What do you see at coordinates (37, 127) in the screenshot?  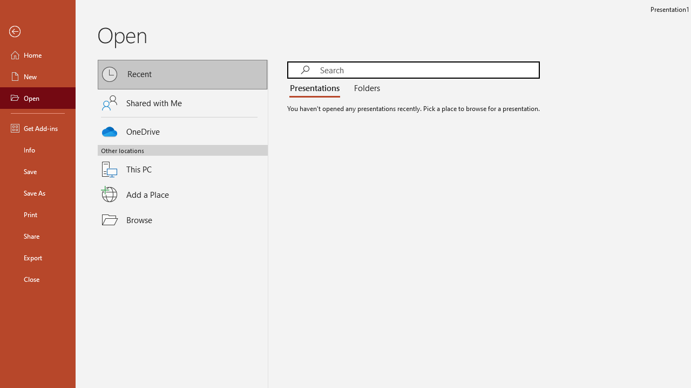 I see `'Get Add-ins'` at bounding box center [37, 127].